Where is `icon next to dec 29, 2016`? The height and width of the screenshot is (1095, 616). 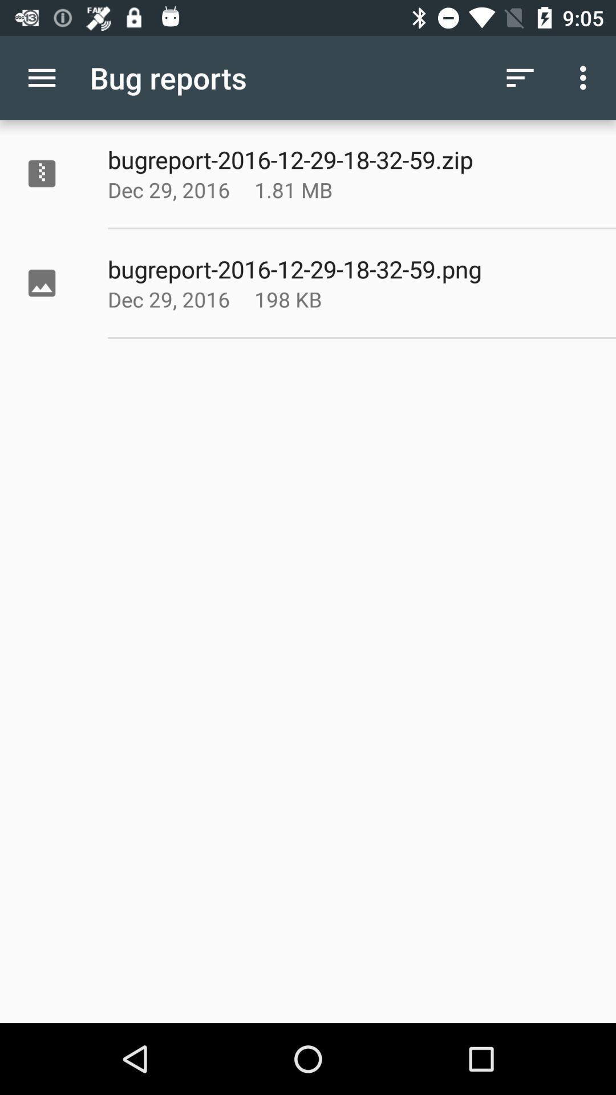 icon next to dec 29, 2016 is located at coordinates (322, 299).